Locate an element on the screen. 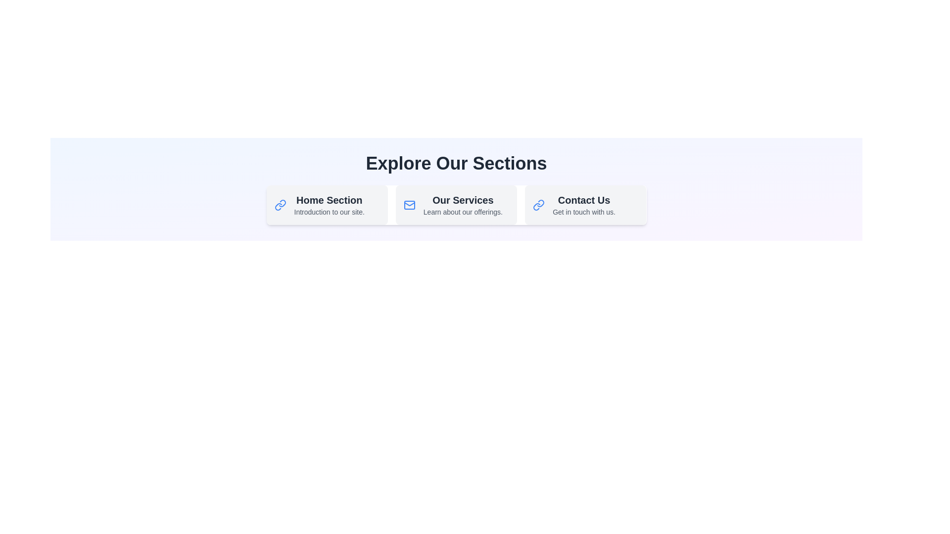  the informational text element in the 'Explore Our Sections' group is located at coordinates (462, 205).